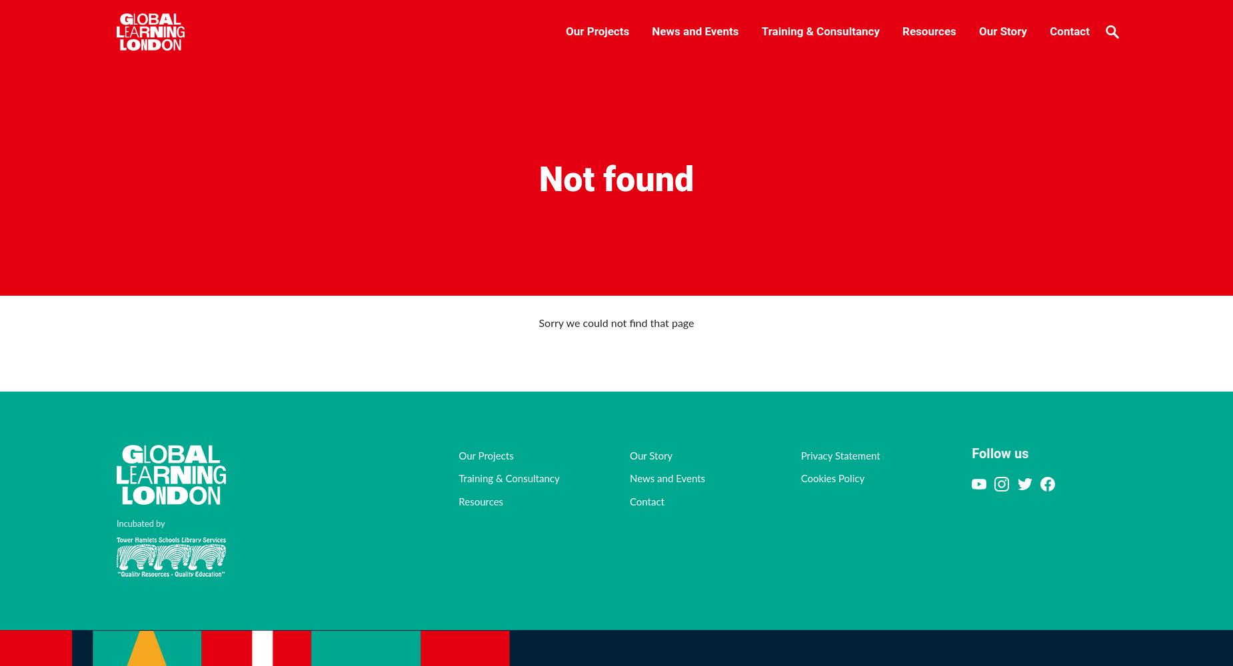 This screenshot has height=666, width=1233. Describe the element at coordinates (1000, 453) in the screenshot. I see `'Follow us'` at that location.